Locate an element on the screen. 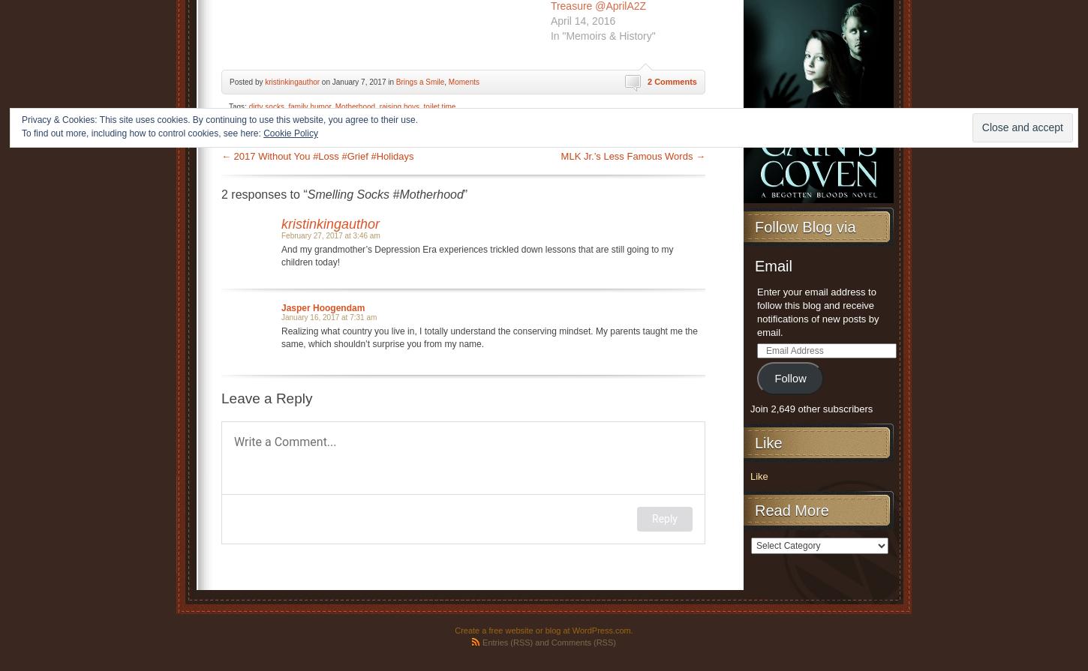 This screenshot has width=1088, height=671. 'Leave a Reply' is located at coordinates (266, 397).